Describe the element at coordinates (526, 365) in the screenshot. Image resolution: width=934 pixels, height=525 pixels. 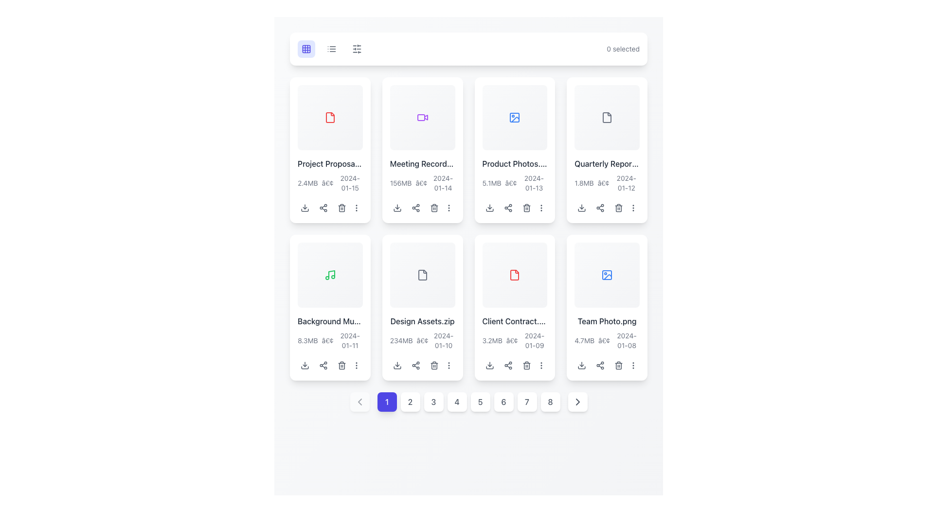
I see `the trash bin icon button located at the bottom-right corner of the 'Client Contract' file card` at that location.